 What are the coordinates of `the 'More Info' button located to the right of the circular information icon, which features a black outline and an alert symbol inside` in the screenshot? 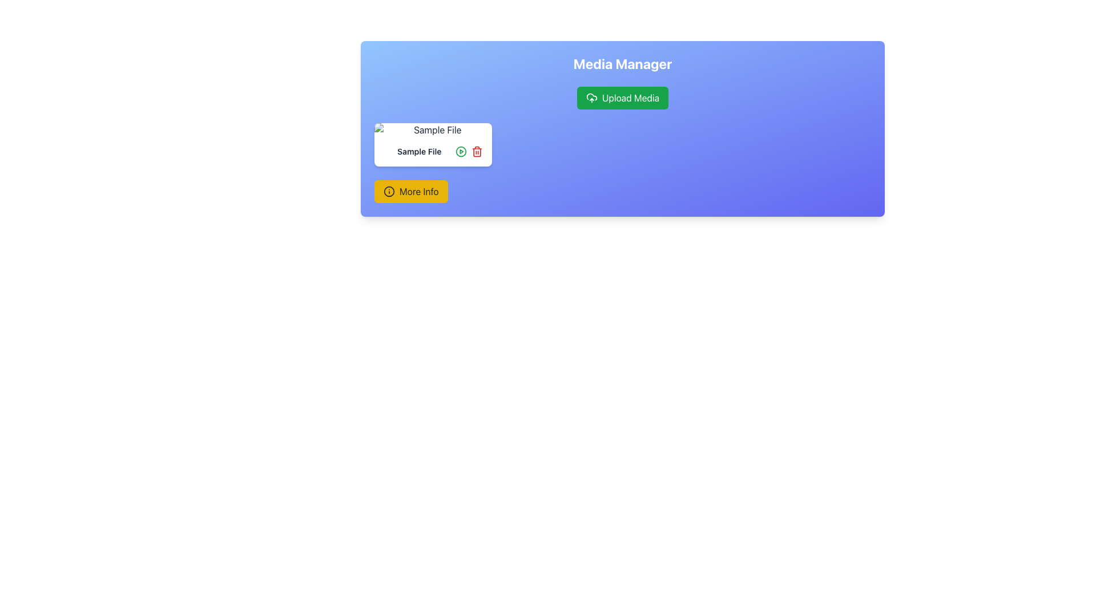 It's located at (389, 191).